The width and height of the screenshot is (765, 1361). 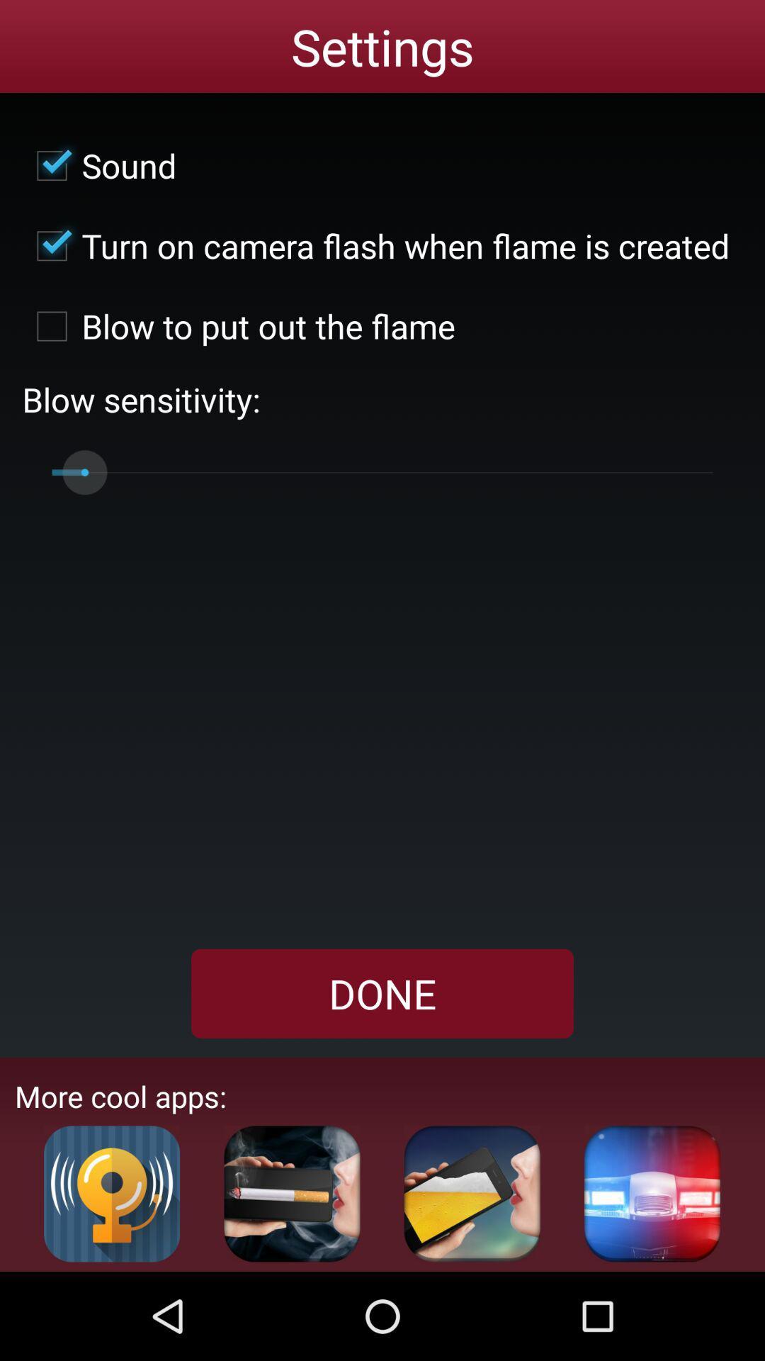 What do you see at coordinates (99, 166) in the screenshot?
I see `first check box in settings` at bounding box center [99, 166].